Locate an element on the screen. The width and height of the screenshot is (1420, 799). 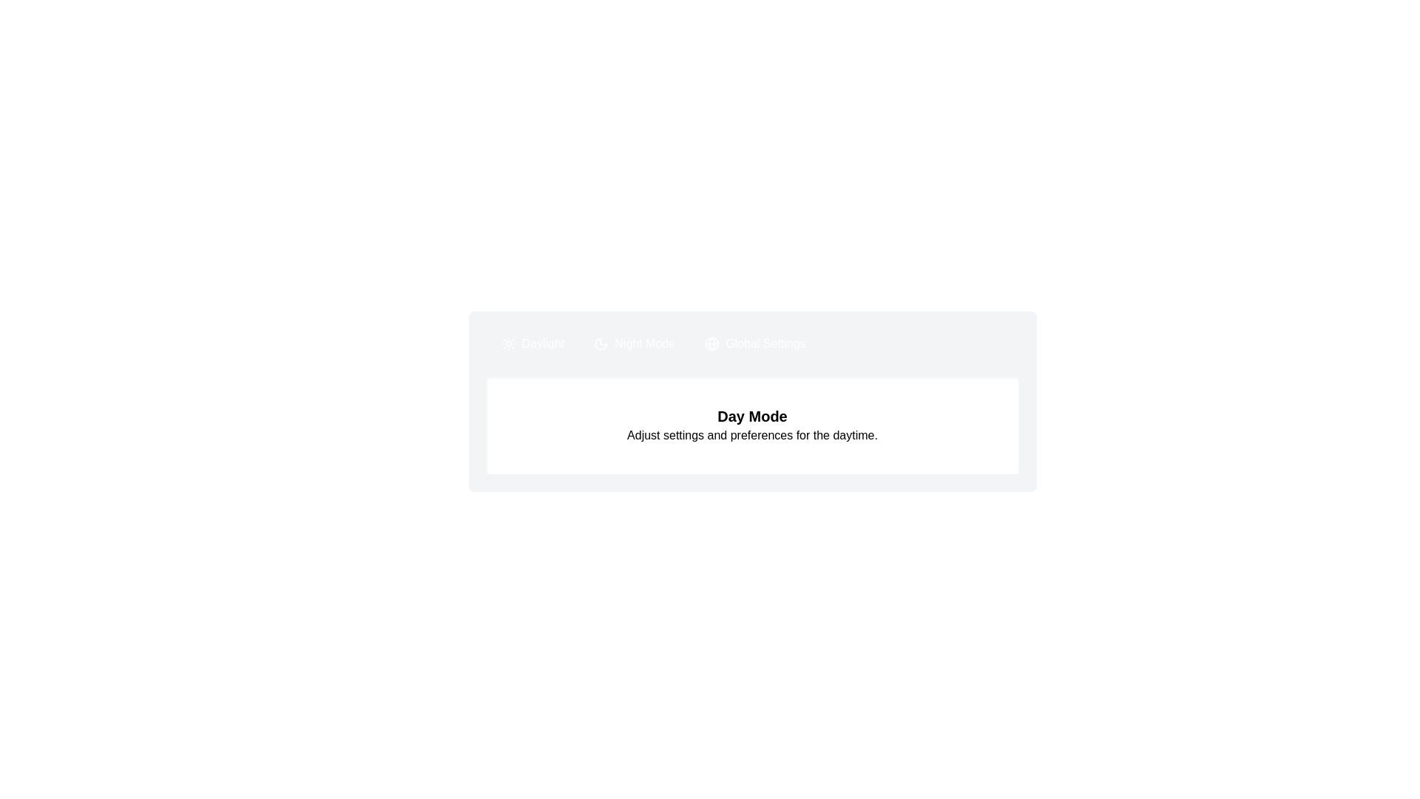
the tab Night Mode and copy its content is located at coordinates (635, 344).